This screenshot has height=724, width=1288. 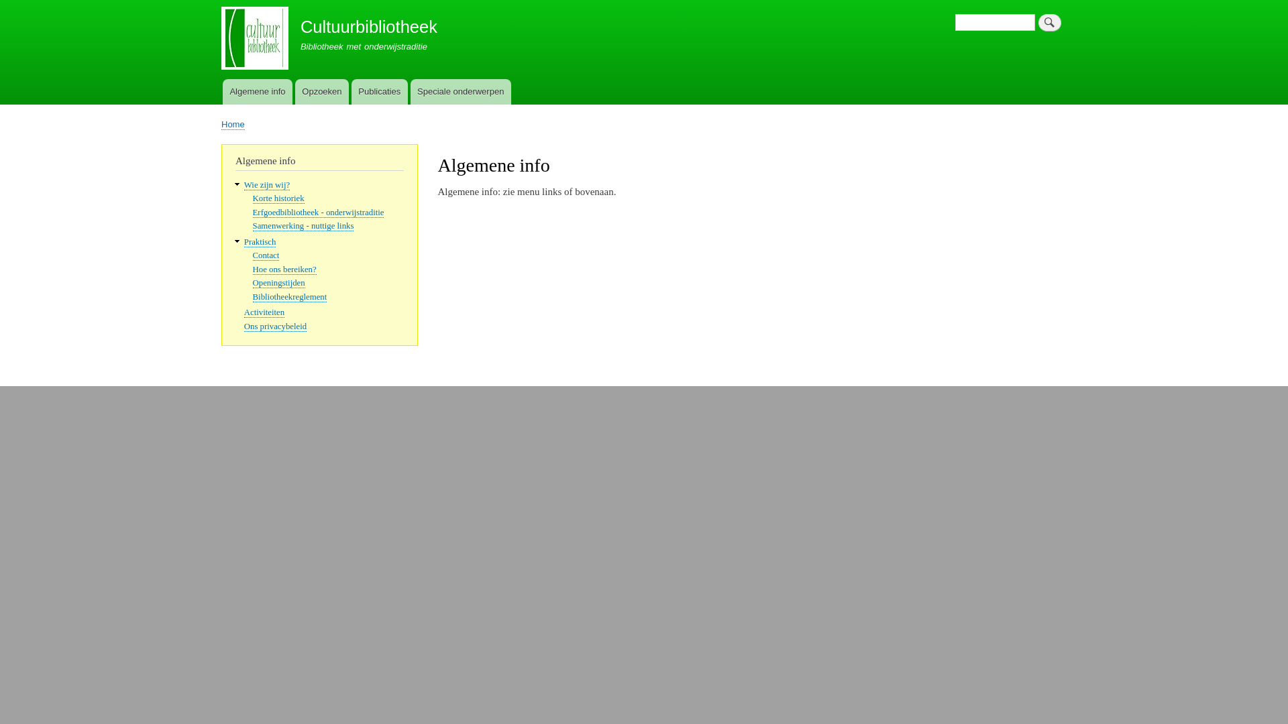 What do you see at coordinates (244, 185) in the screenshot?
I see `'Wie zijn wij?'` at bounding box center [244, 185].